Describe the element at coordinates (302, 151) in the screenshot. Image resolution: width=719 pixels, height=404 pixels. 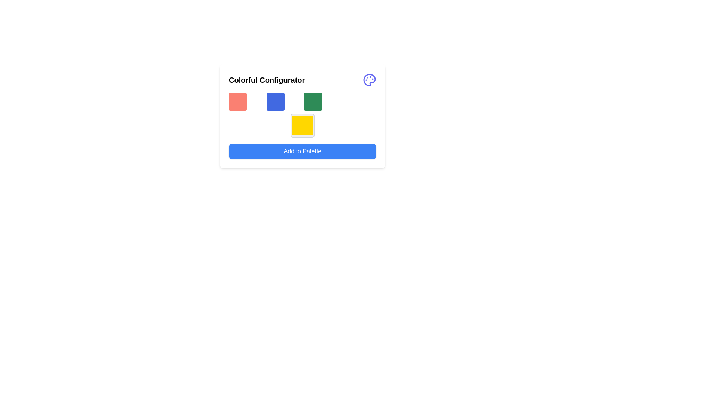
I see `the 'Add to Palette' button, which is a rectangular button with white text on a blue background, located at the bottom of the 'Colorful Configurator' card` at that location.